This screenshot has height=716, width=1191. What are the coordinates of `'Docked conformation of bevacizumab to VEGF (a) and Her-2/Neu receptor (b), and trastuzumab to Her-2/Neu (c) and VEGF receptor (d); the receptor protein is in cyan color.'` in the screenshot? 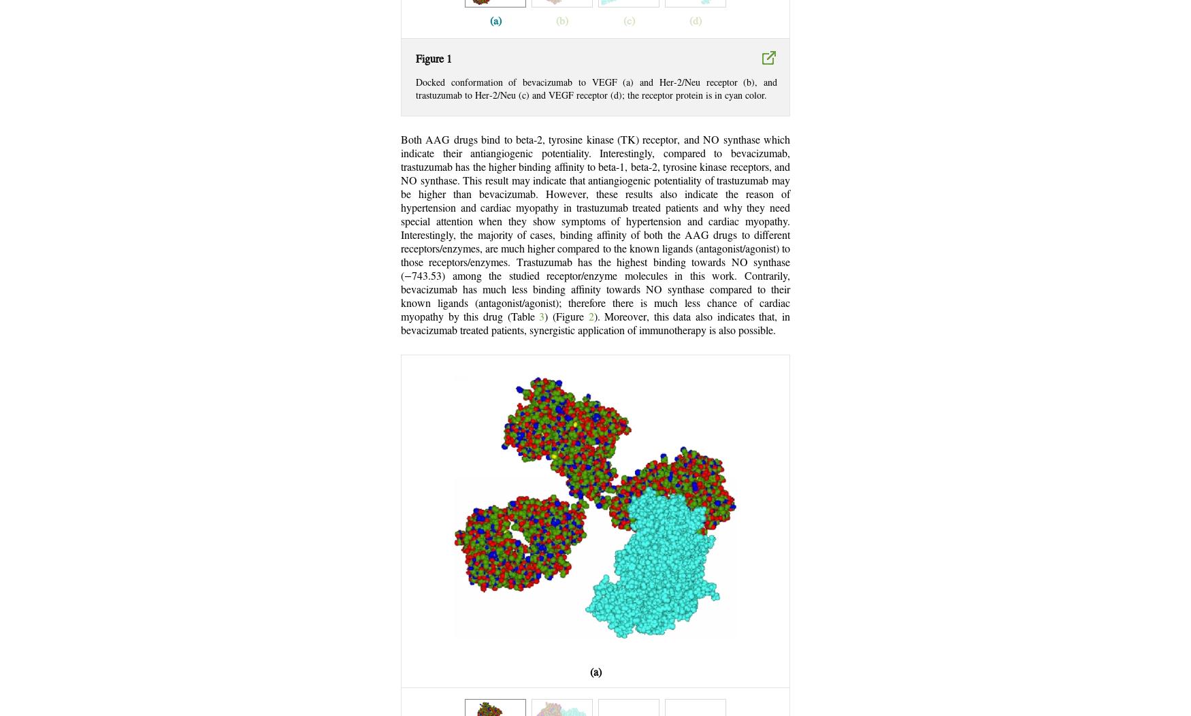 It's located at (415, 88).